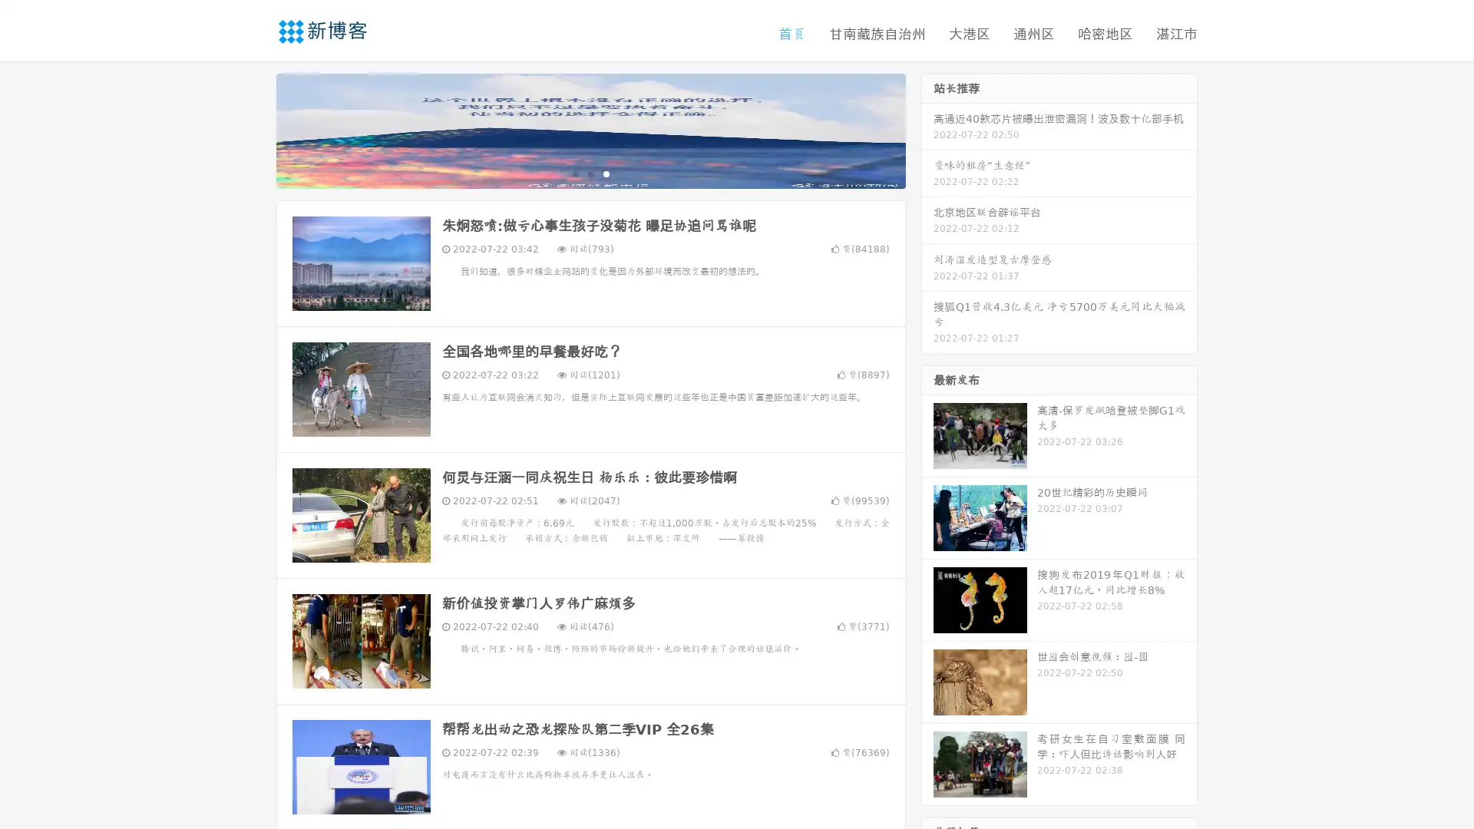 This screenshot has height=829, width=1474. I want to click on Next slide, so click(927, 129).